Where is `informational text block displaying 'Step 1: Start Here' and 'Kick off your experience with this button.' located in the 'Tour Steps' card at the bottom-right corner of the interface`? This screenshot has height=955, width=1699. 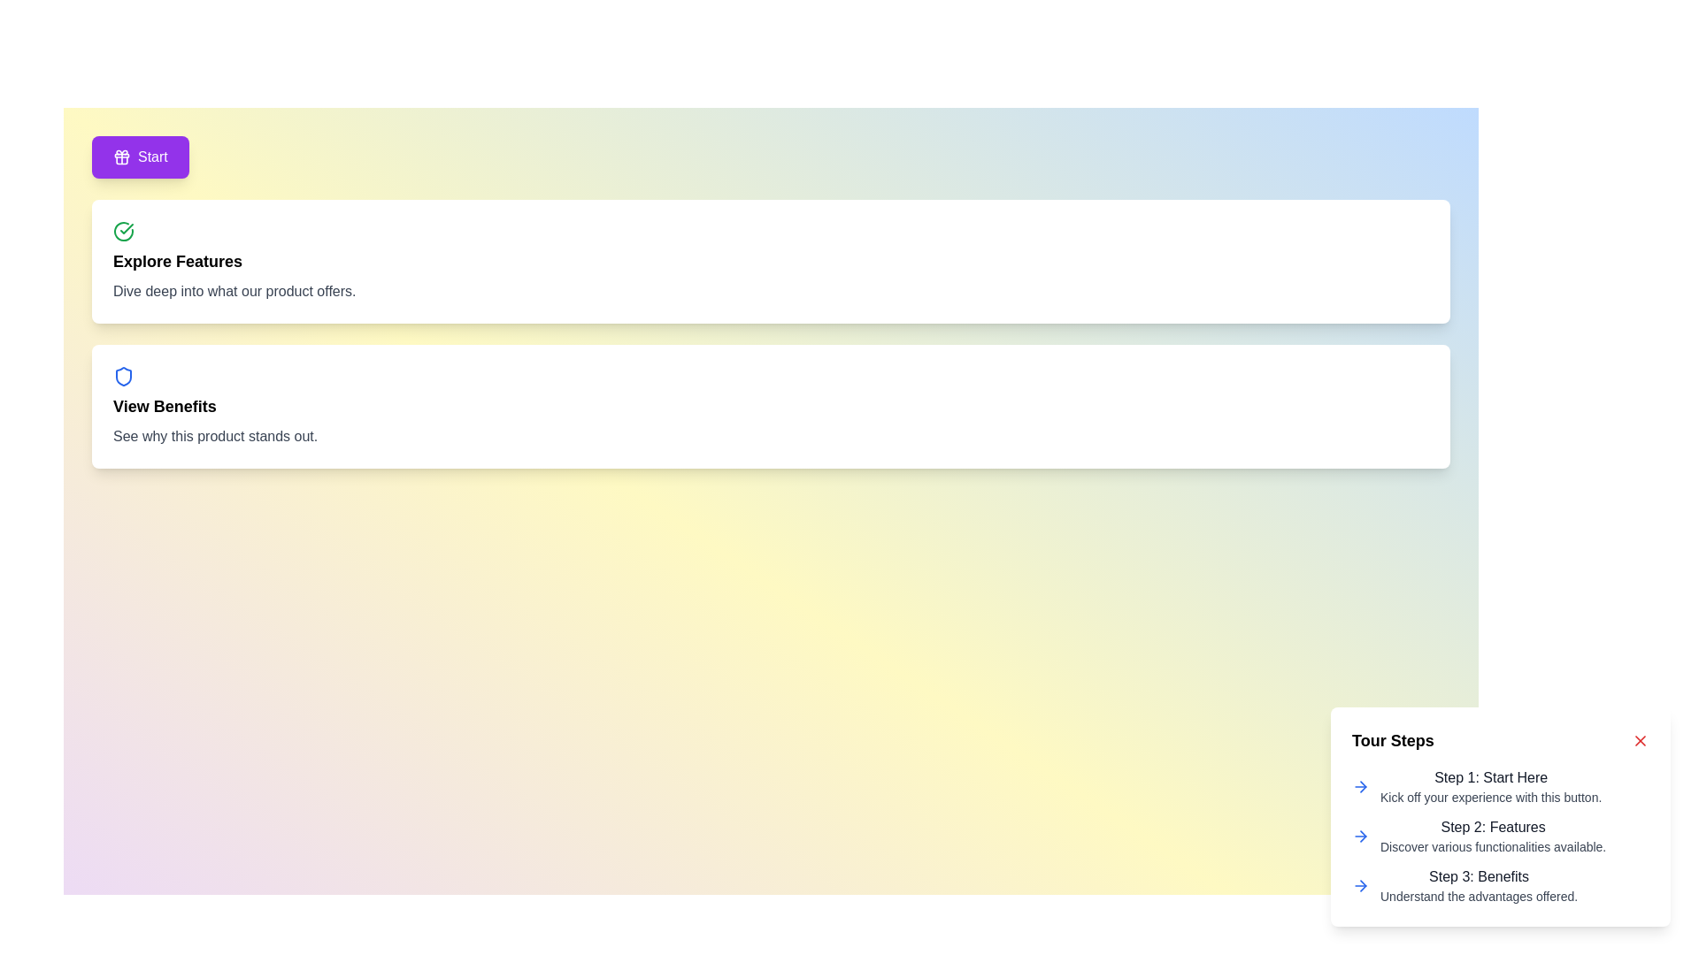 informational text block displaying 'Step 1: Start Here' and 'Kick off your experience with this button.' located in the 'Tour Steps' card at the bottom-right corner of the interface is located at coordinates (1490, 786).